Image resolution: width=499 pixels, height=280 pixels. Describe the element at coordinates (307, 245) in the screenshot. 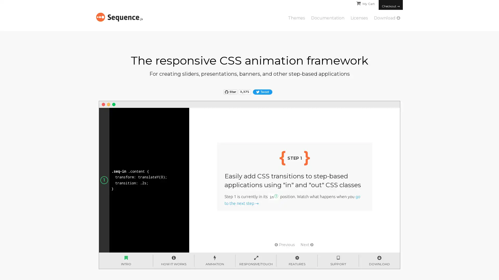

I see `Next` at that location.